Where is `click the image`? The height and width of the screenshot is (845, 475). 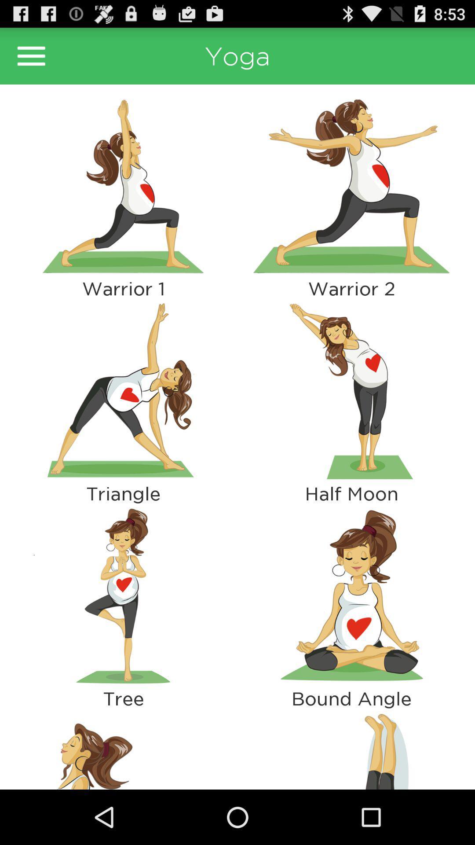 click the image is located at coordinates (123, 185).